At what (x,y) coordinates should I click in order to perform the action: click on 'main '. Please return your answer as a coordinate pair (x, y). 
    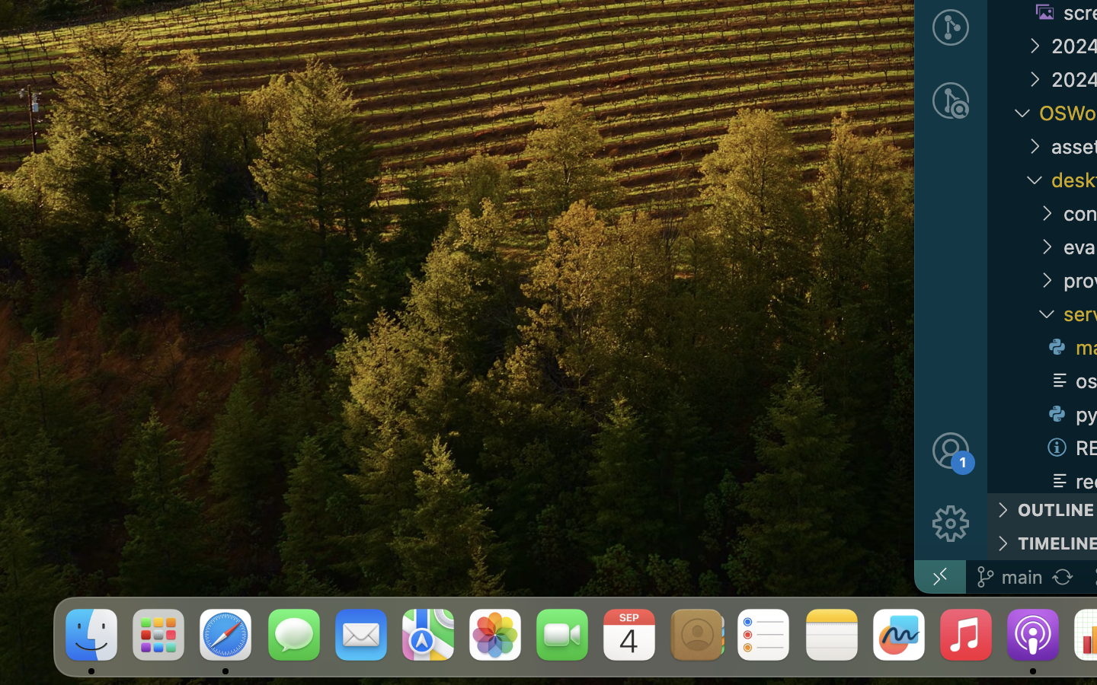
    Looking at the image, I should click on (1008, 575).